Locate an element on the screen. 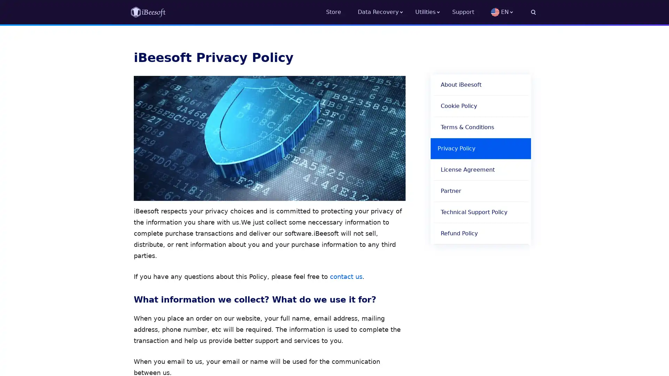  languages is located at coordinates (513, 12).